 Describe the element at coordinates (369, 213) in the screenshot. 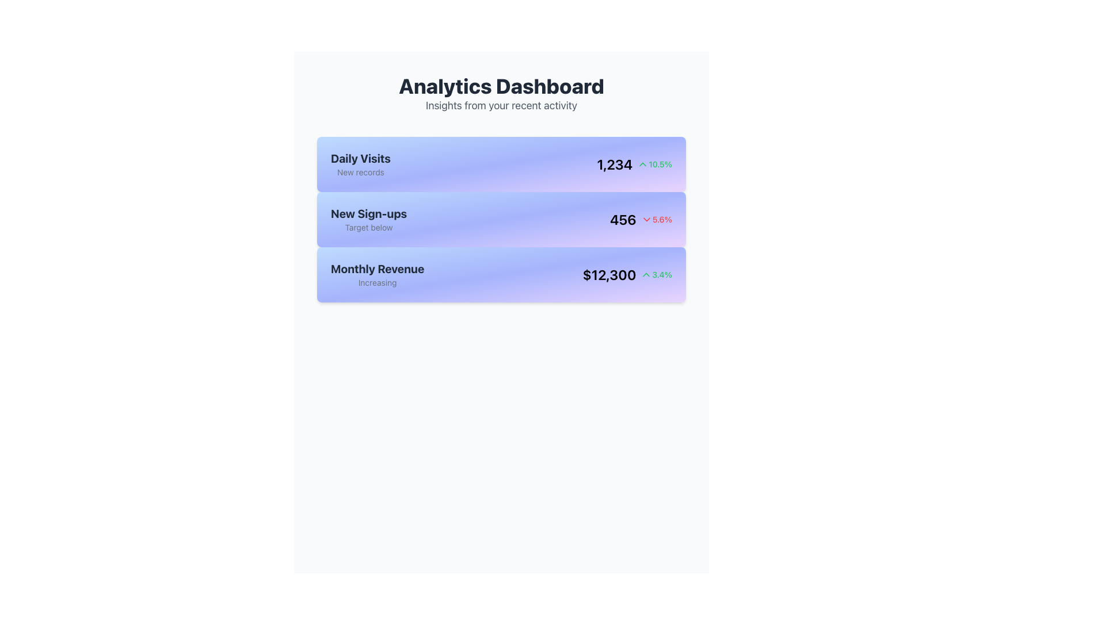

I see `heading title text for the 'New Sign-ups' section located in the middle section of the analytics dashboard, positioned between the 'Daily Visits' section and the 'Target below' subtitle` at that location.